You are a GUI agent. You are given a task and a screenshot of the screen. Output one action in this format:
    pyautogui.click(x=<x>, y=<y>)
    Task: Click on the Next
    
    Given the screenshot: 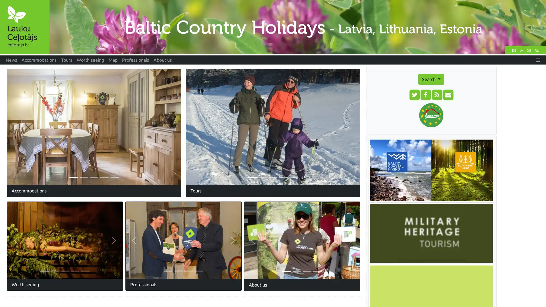 What is the action you would take?
    pyautogui.click(x=167, y=127)
    